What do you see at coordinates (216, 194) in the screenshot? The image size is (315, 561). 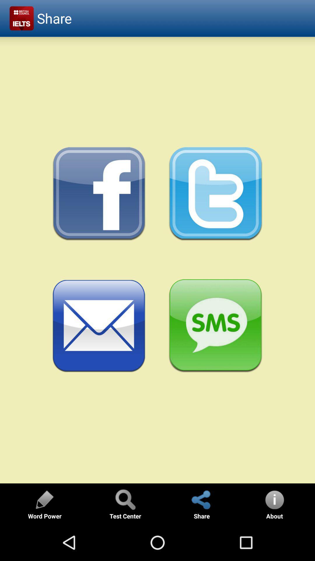 I see `twitter` at bounding box center [216, 194].